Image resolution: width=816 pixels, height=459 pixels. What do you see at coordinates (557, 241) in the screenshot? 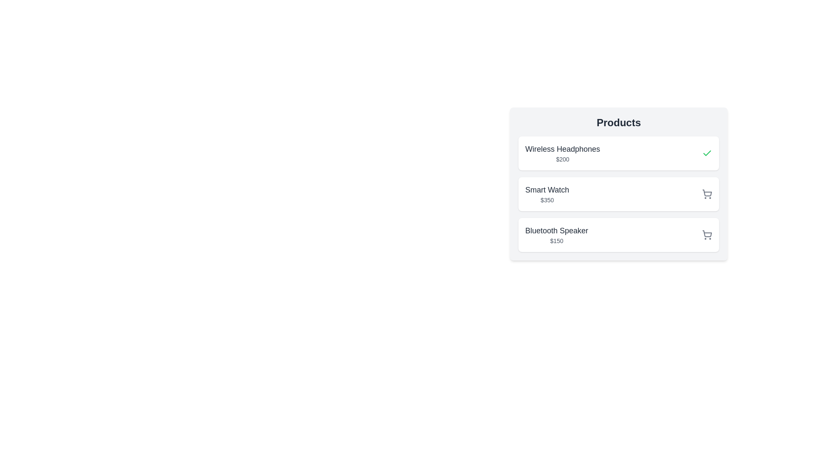
I see `the price label of the product 'Bluetooth Speaker', which is located below the product name within a card-like structure` at bounding box center [557, 241].